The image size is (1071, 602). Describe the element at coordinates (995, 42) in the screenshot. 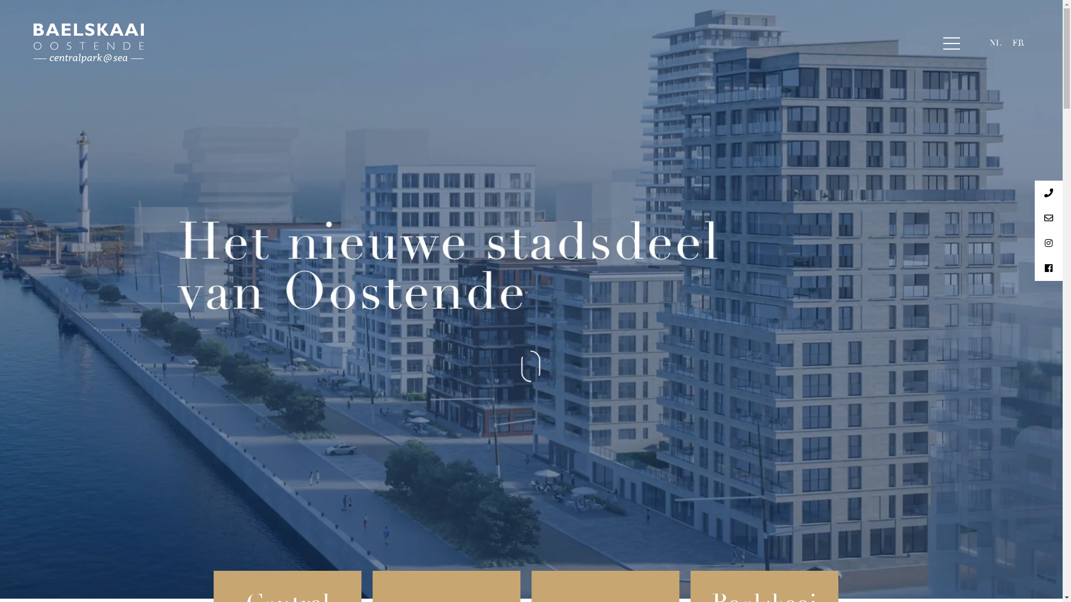

I see `'NL'` at that location.